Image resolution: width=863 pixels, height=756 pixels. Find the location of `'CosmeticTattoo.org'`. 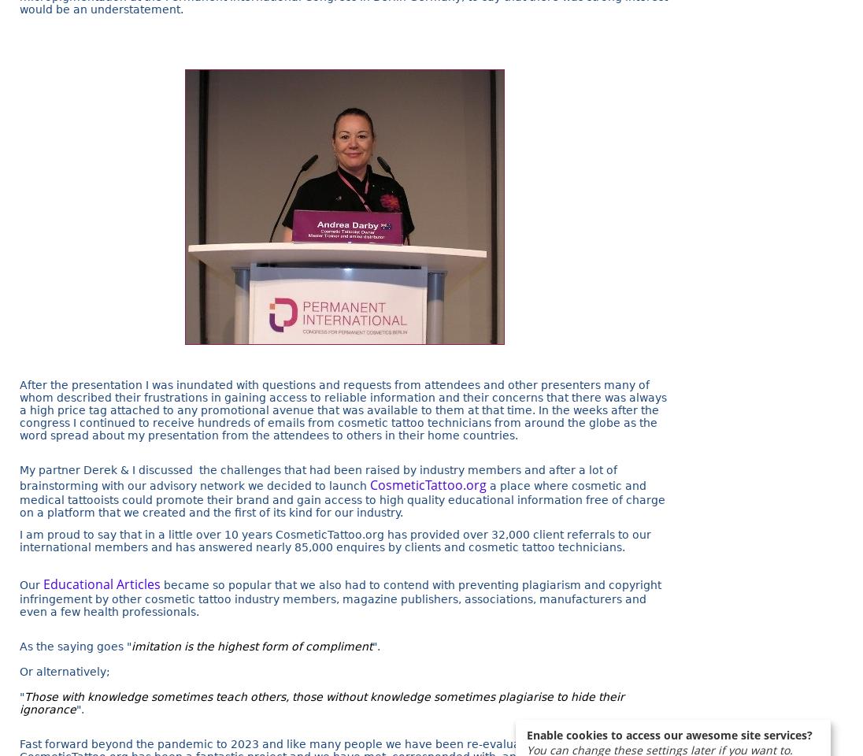

'CosmeticTattoo.org' is located at coordinates (428, 483).